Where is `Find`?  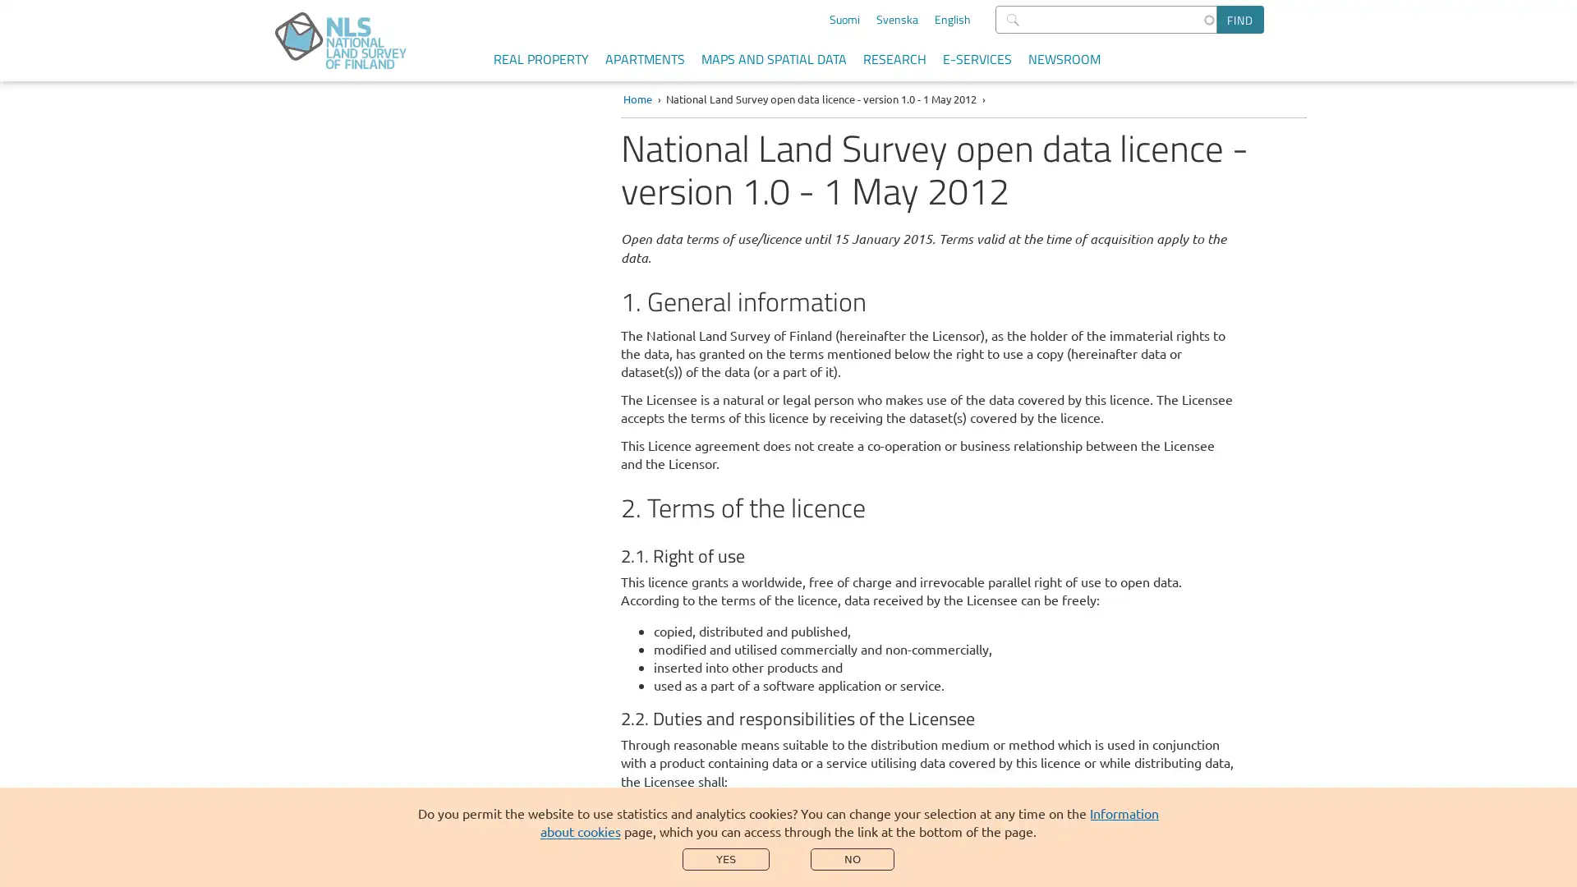 Find is located at coordinates (1240, 19).